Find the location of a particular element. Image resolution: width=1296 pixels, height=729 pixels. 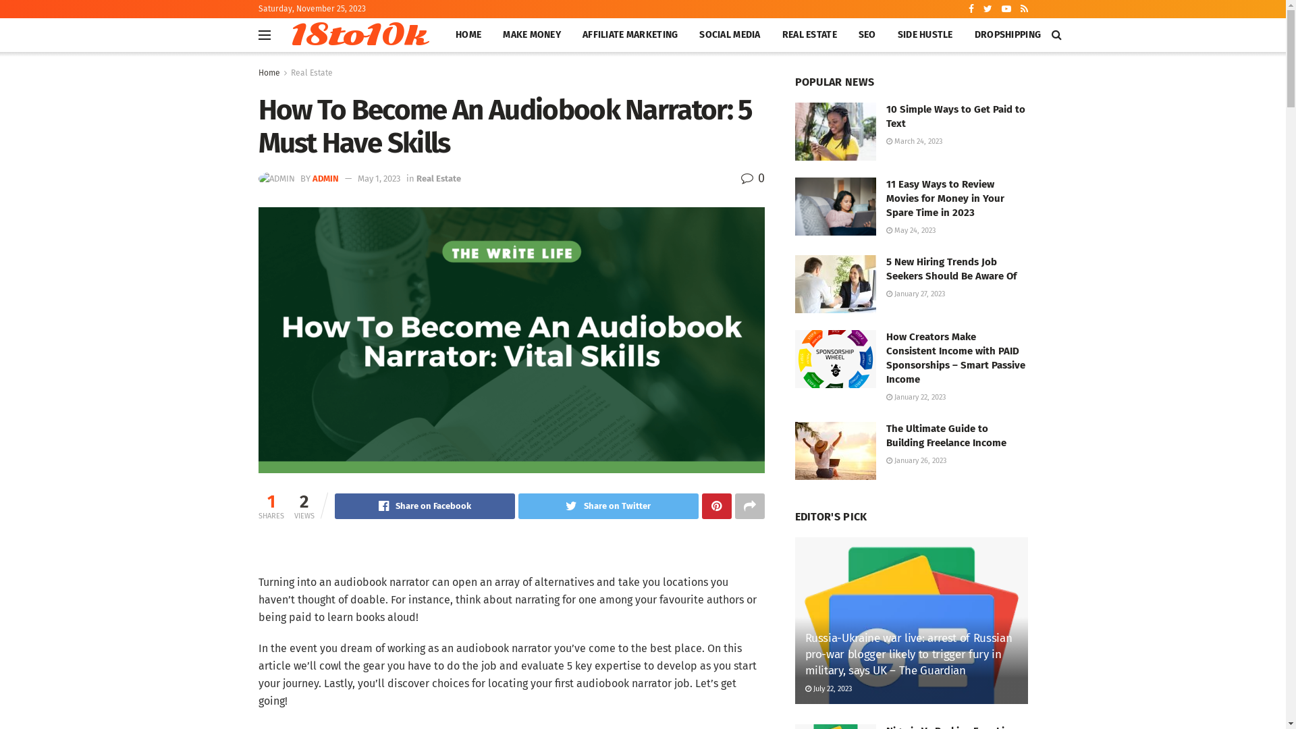

'5 New Hiring Trends Job Seekers Should Be Aware Of' is located at coordinates (950, 269).